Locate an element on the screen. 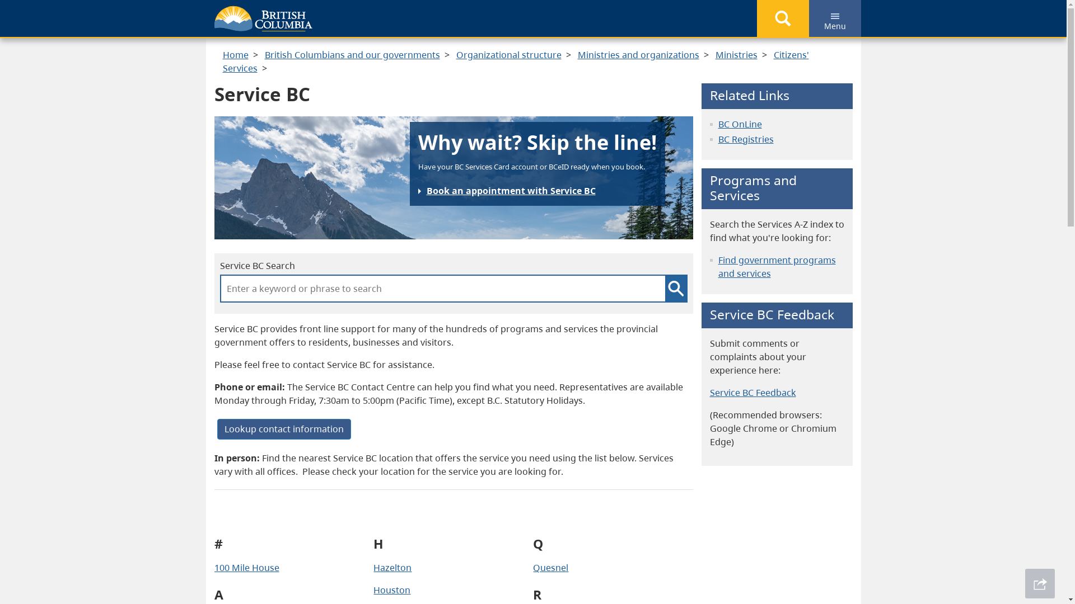 The image size is (1075, 604). 'Find government programs and services' is located at coordinates (776, 267).